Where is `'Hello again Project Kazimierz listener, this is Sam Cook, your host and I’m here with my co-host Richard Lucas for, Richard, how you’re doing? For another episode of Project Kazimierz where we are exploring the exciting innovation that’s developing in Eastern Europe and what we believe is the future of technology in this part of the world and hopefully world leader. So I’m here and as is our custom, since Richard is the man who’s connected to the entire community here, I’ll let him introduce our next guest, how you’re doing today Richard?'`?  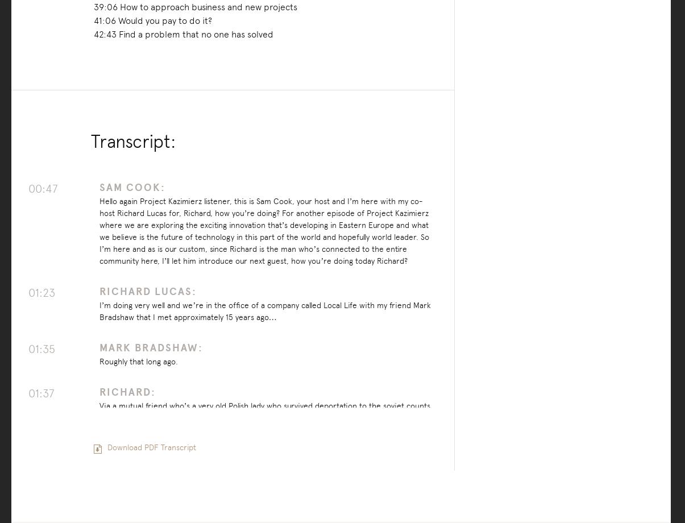
'Hello again Project Kazimierz listener, this is Sam Cook, your host and I’m here with my co-host Richard Lucas for, Richard, how you’re doing? For another episode of Project Kazimierz where we are exploring the exciting innovation that’s developing in Eastern Europe and what we believe is the future of technology in this part of the world and hopefully world leader. So I’m here and as is our custom, since Richard is the man who’s connected to the entire community here, I’ll let him introduce our next guest, how you’re doing today Richard?' is located at coordinates (263, 230).